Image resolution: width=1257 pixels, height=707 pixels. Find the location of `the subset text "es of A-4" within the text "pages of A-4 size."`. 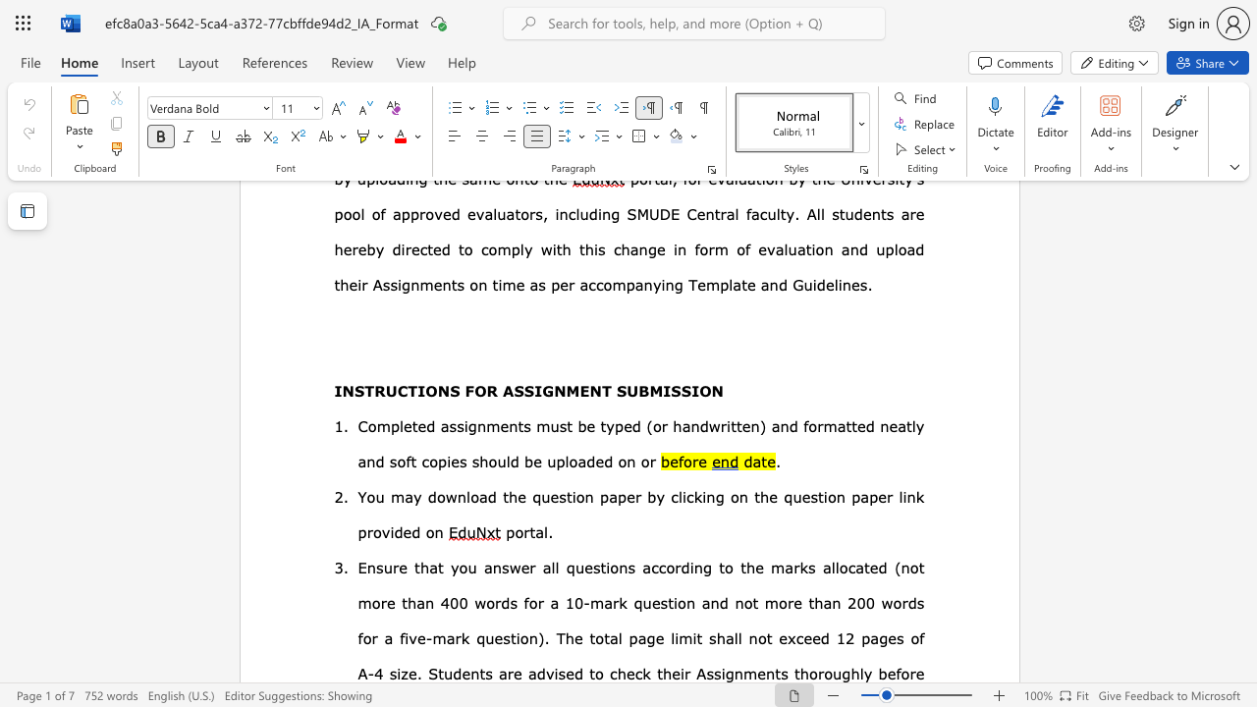

the subset text "es of A-4" within the text "pages of A-4 size." is located at coordinates (887, 638).